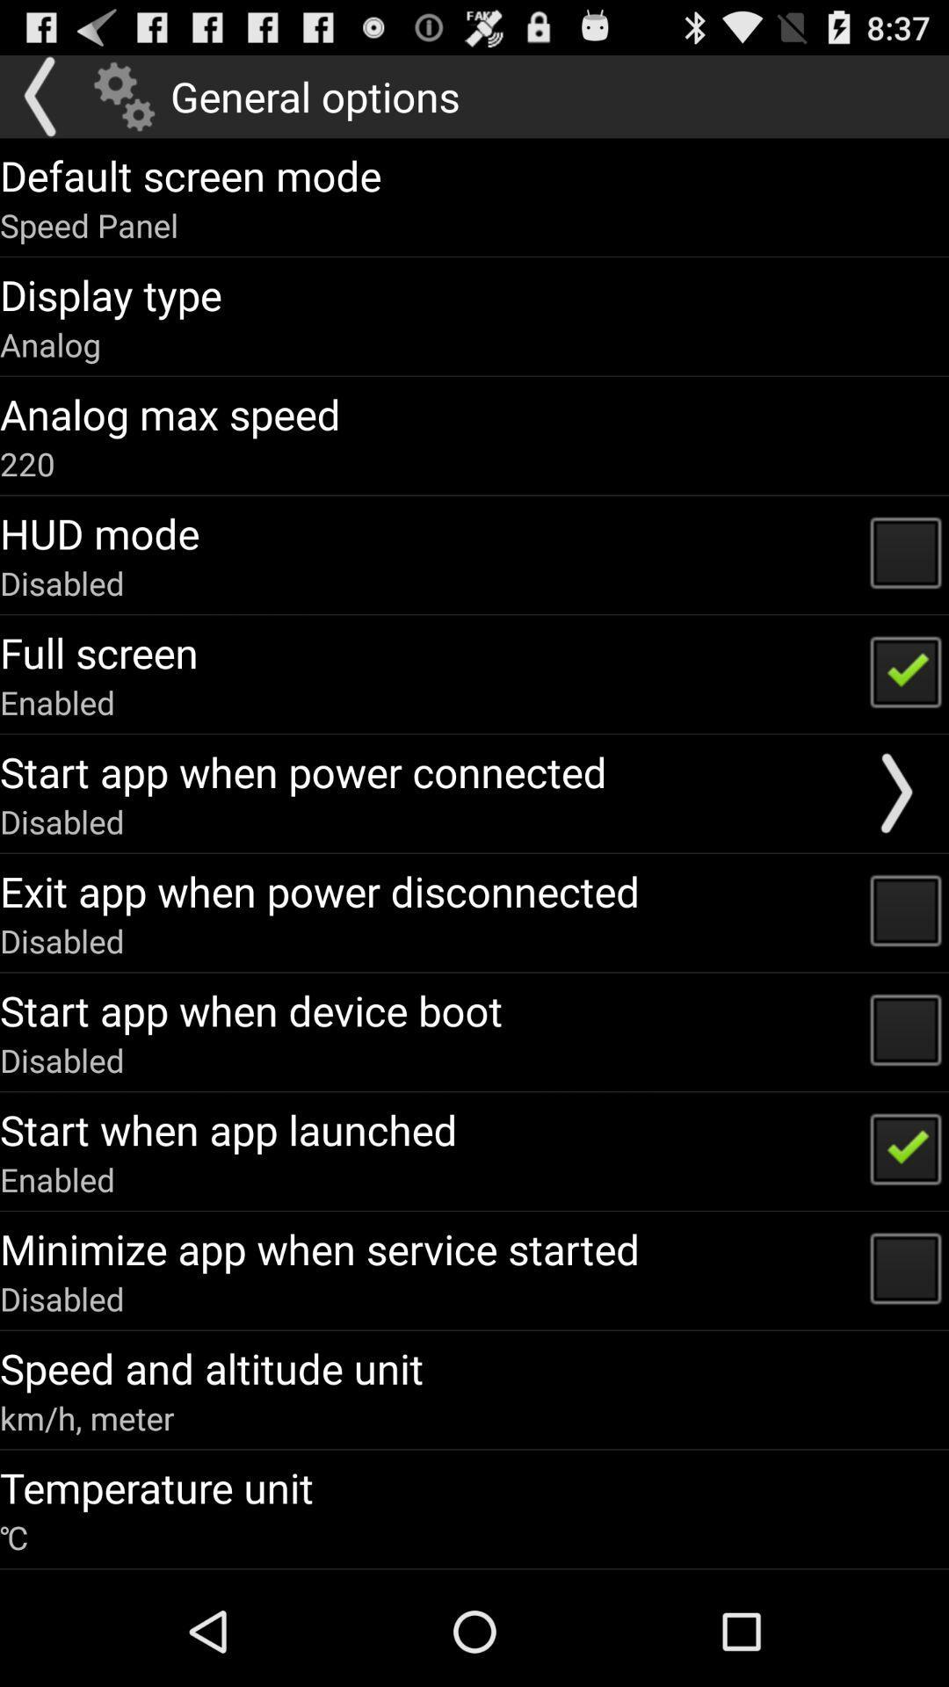  Describe the element at coordinates (98, 651) in the screenshot. I see `the app above enabled item` at that location.